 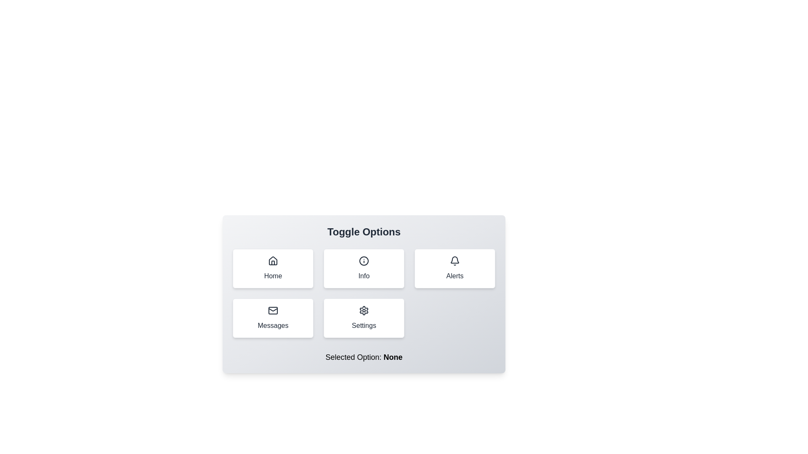 I want to click on the 'Alerts' button, which is a rectangular card with a bell icon and the text 'Alerts' beneath it, located in the third column of the top row of the grid layout, so click(x=454, y=269).